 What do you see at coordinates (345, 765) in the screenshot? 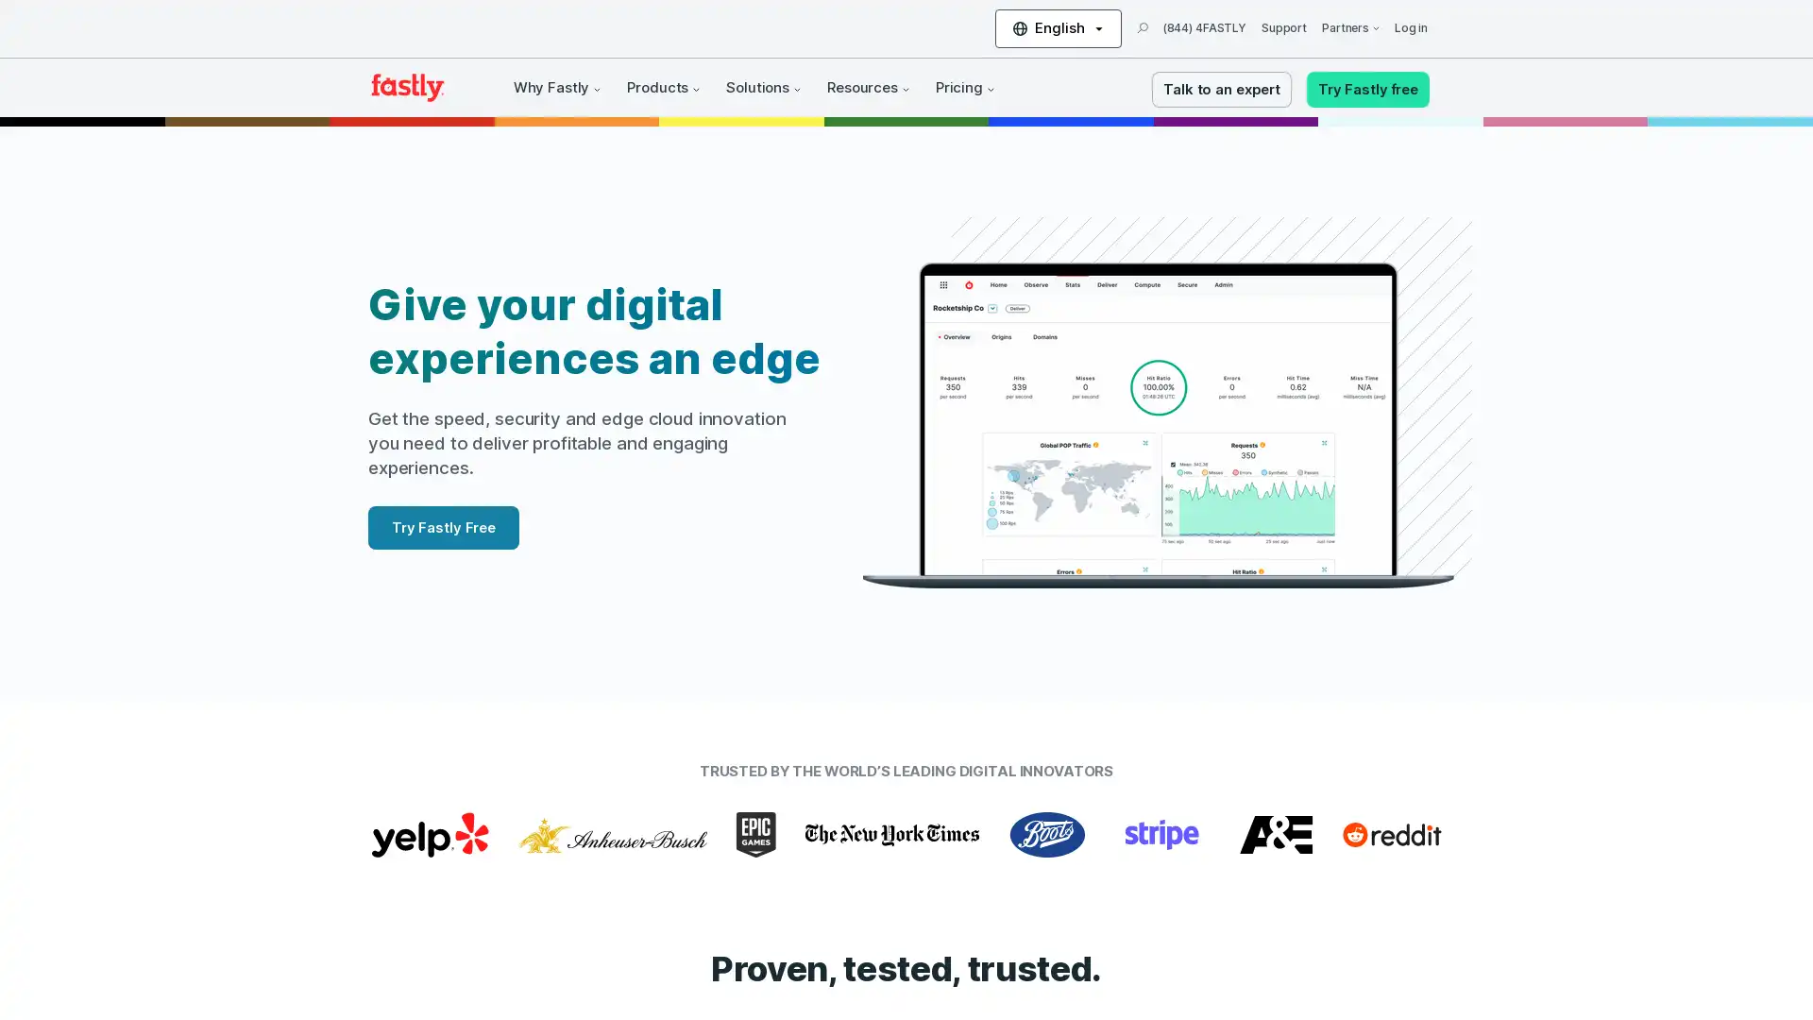
I see `Close` at bounding box center [345, 765].